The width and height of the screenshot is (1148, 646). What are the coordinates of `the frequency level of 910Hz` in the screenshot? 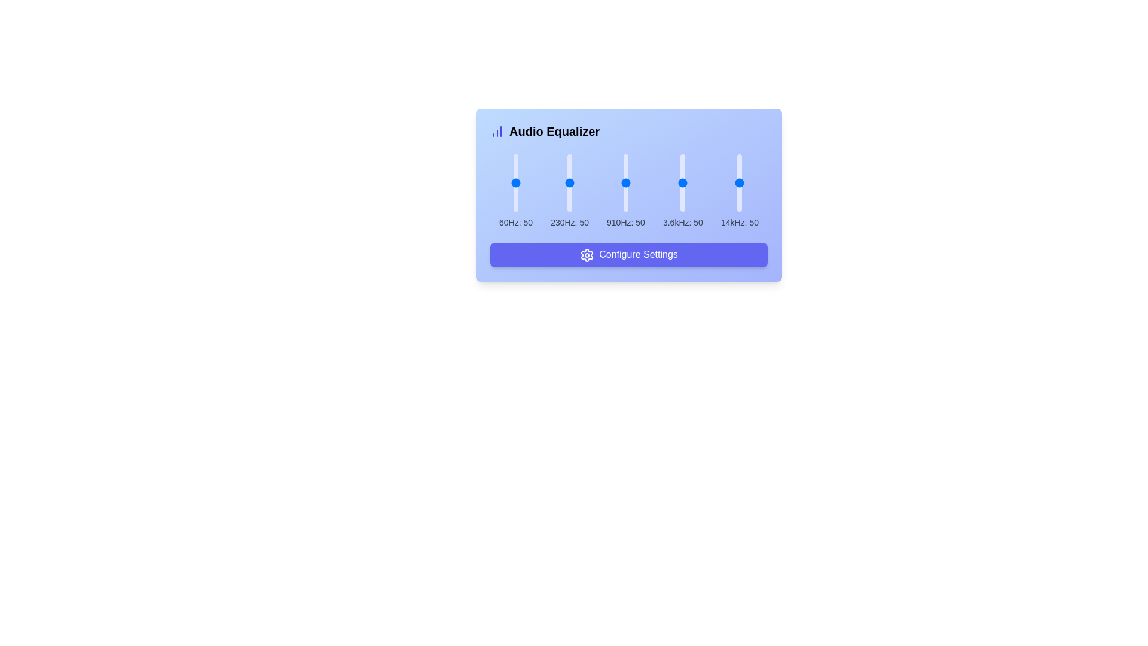 It's located at (625, 166).